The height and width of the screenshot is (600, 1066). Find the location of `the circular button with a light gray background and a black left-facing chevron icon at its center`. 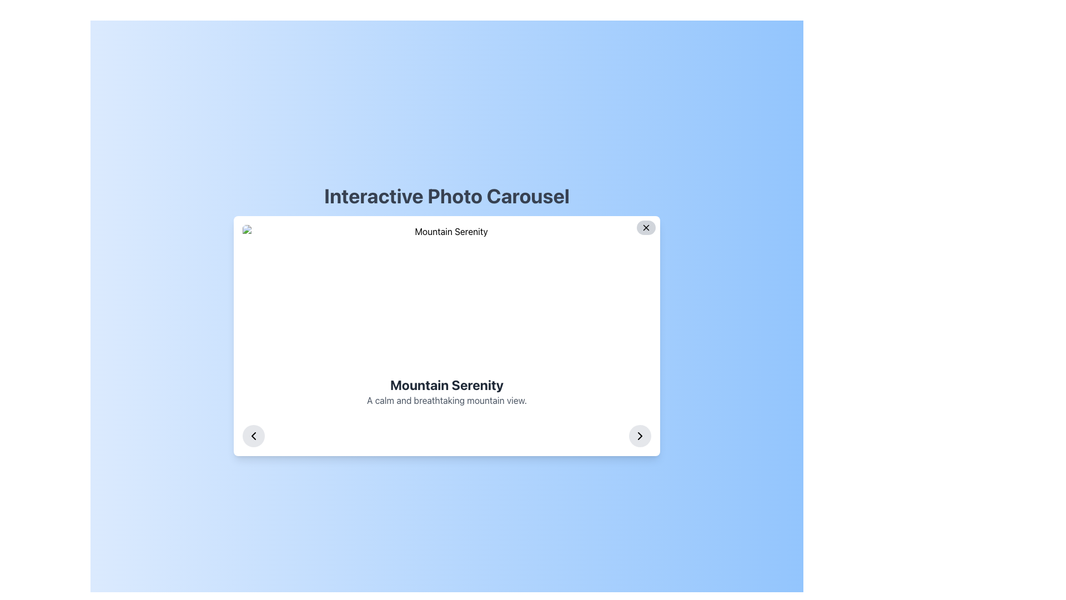

the circular button with a light gray background and a black left-facing chevron icon at its center is located at coordinates (253, 436).